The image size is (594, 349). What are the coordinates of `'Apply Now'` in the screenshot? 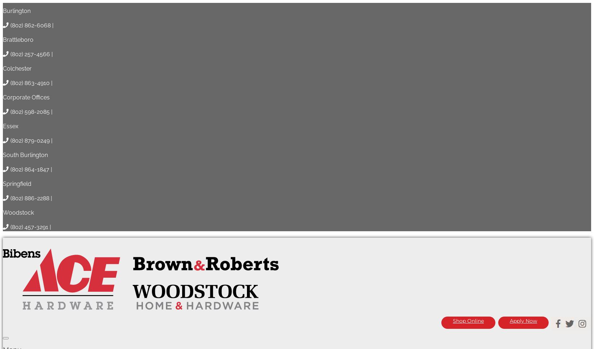 It's located at (523, 5).